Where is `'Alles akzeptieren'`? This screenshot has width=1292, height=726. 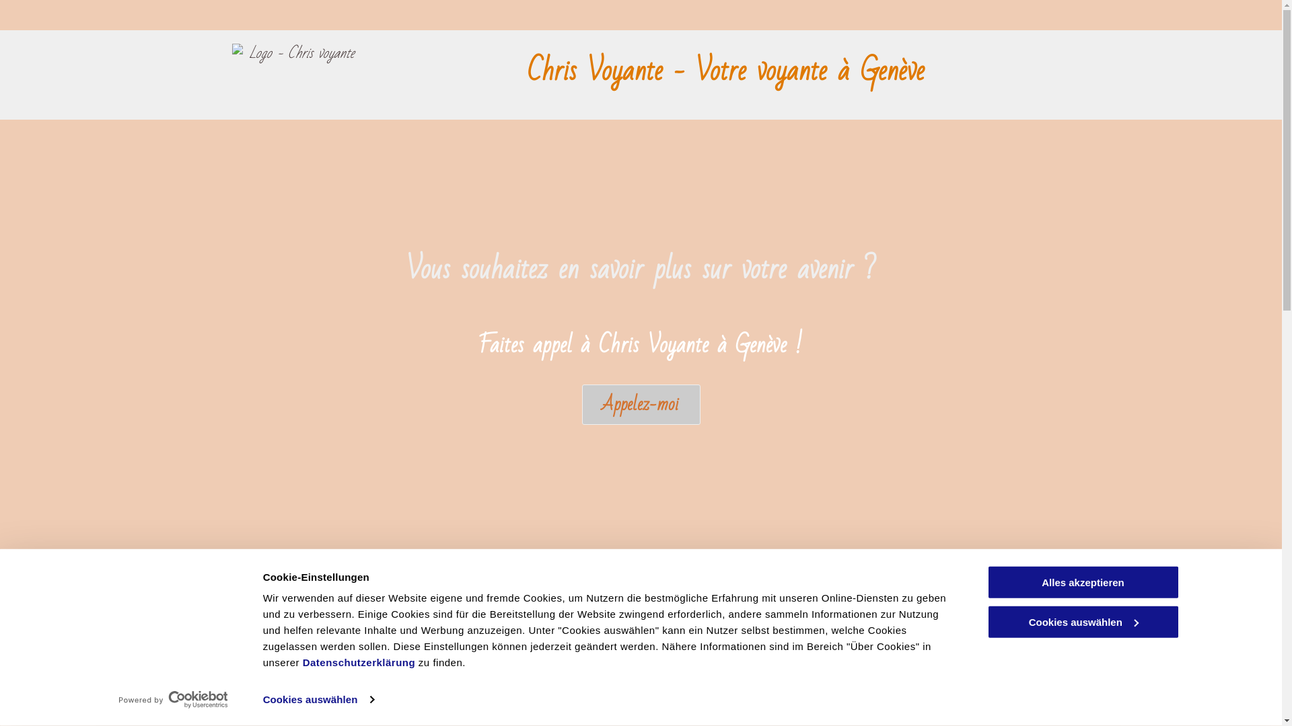 'Alles akzeptieren' is located at coordinates (1082, 581).